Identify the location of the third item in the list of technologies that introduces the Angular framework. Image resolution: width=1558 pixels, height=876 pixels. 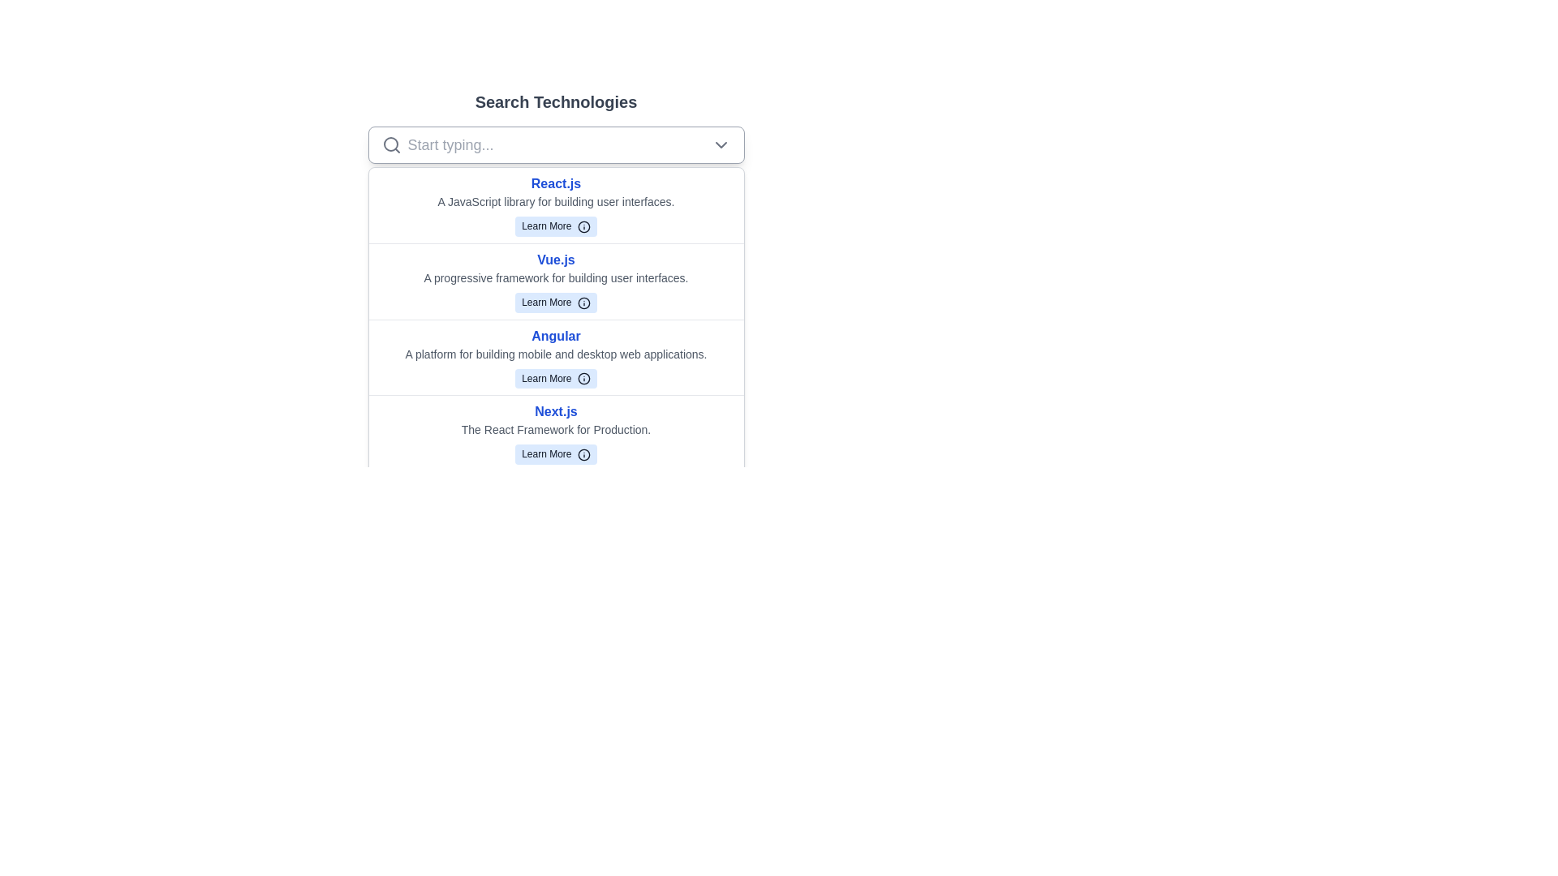
(556, 357).